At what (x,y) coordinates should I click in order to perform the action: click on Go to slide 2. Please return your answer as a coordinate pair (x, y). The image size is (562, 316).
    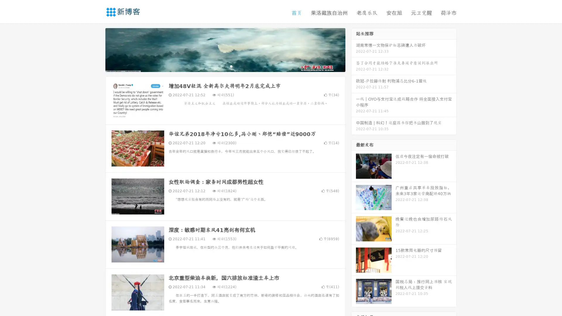
    Looking at the image, I should click on (225, 66).